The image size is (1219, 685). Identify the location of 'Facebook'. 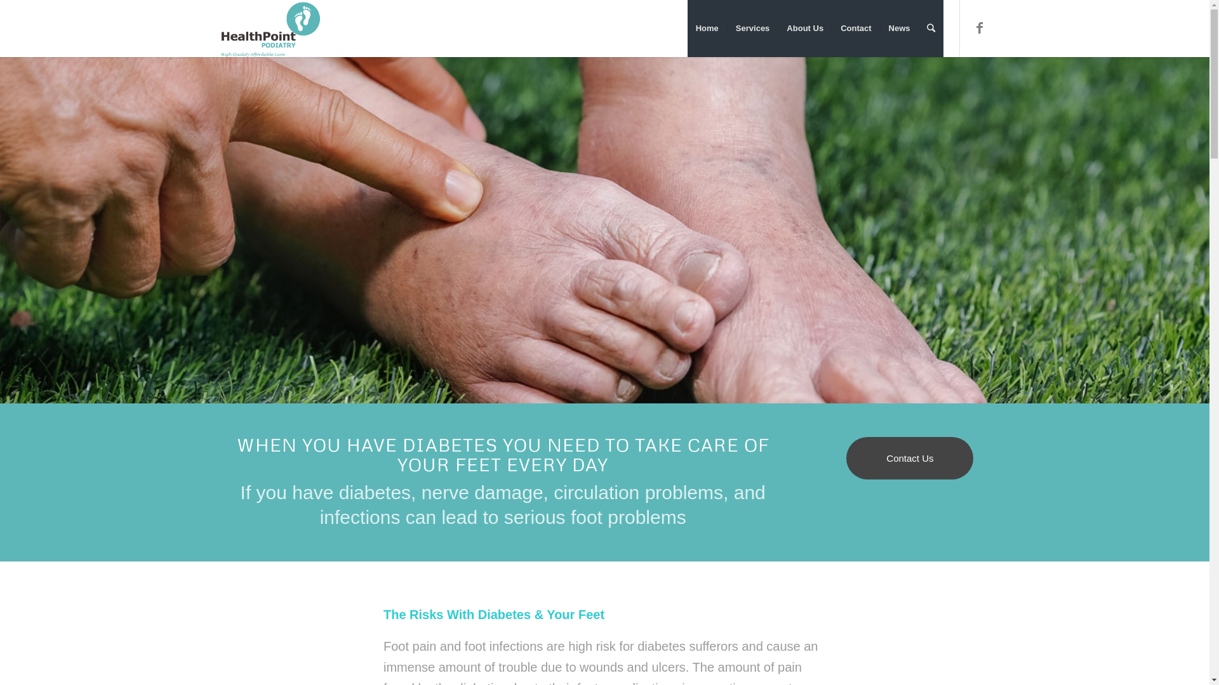
(978, 27).